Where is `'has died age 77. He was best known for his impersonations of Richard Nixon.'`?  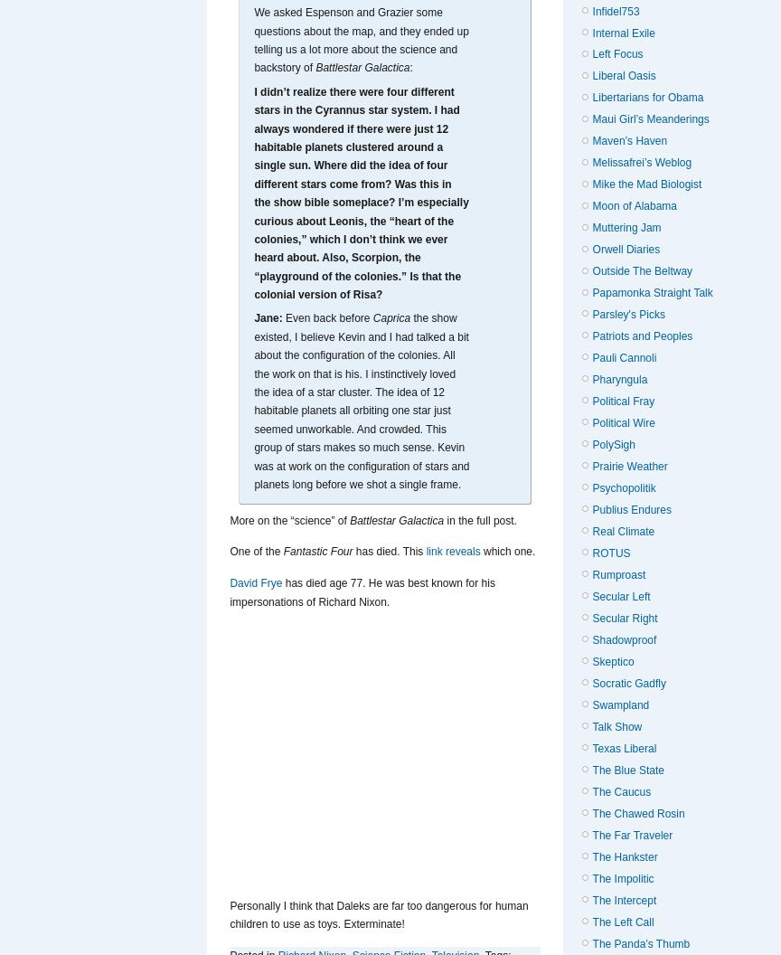
'has died age 77. He was best known for his impersonations of Richard Nixon.' is located at coordinates (230, 591).